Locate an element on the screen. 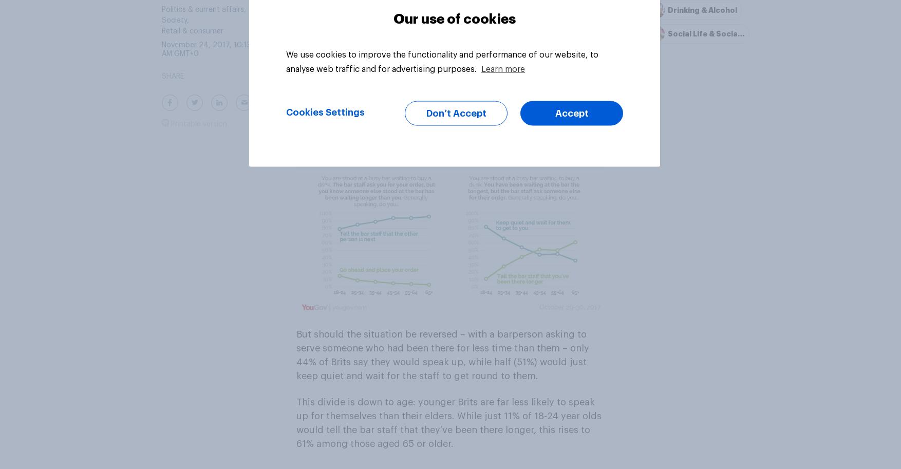 Image resolution: width=901 pixels, height=469 pixels. 'If a person found themselves inadvertently jumping the queue – because the bar staff asked them what they want ahead of someone who has been there longer – the overwhelming majority of Brits (91%) say they would tell the barperson that someone else was next.' is located at coordinates (447, 109).